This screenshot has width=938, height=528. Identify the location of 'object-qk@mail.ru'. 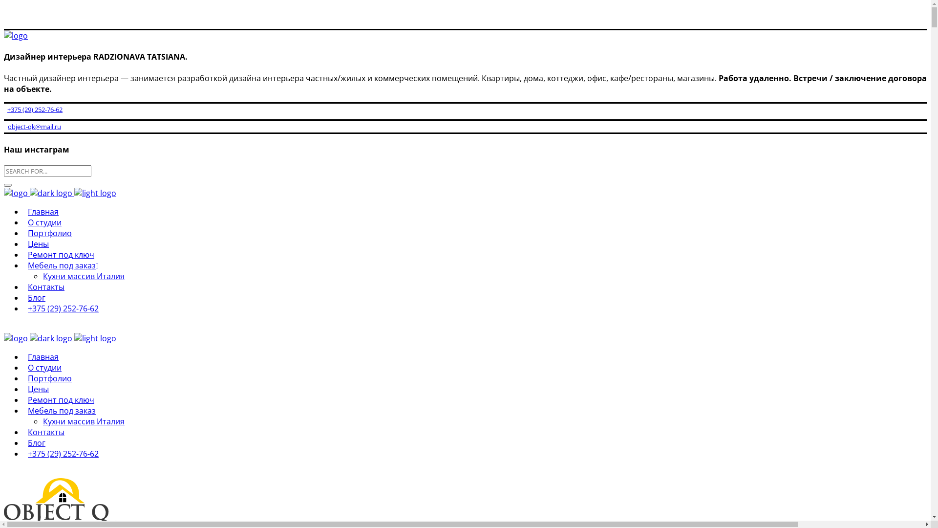
(32, 126).